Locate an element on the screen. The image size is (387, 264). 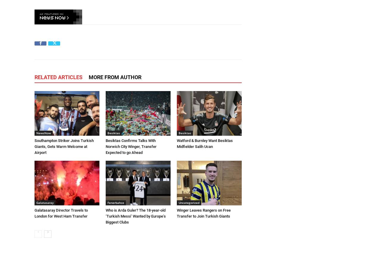
'Southampton Striker Joins Turkish Giants, Gets Warm Welcome at Airport' is located at coordinates (64, 146).